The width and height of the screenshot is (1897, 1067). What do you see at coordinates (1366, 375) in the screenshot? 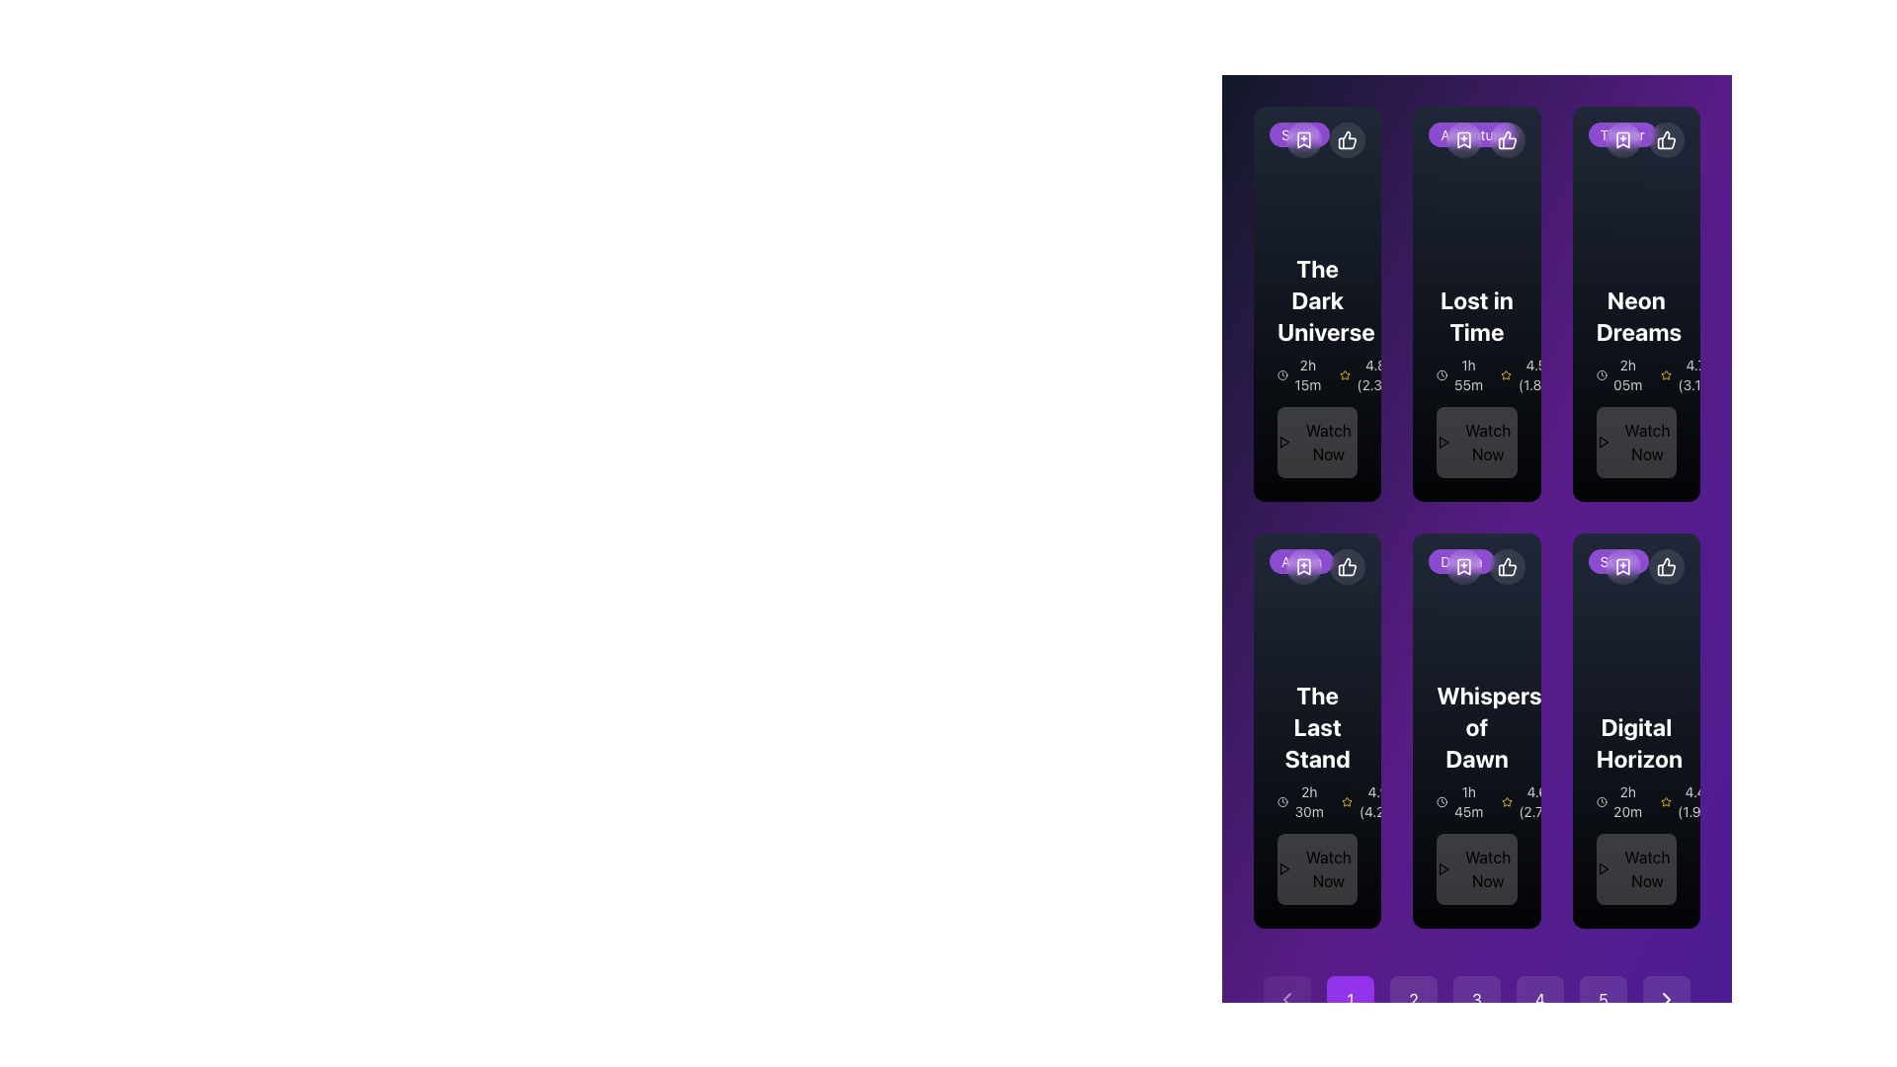
I see `the Text and Icon composite displaying the rating of a movie or item, located to the right of the '2h 15m' text and clock icon` at bounding box center [1366, 375].